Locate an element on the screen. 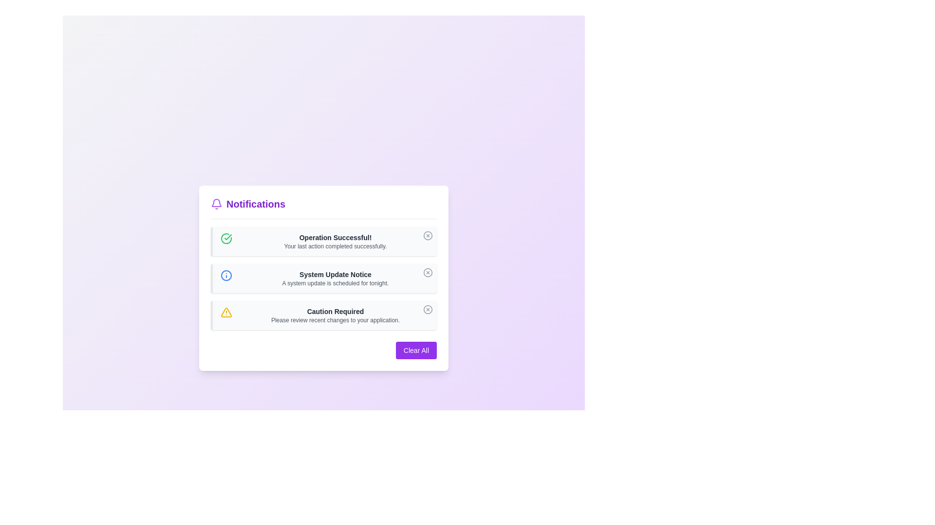  the close button, styled as a circular icon, located at the top-right corner of the 'System Update Notice' notification is located at coordinates (428, 272).